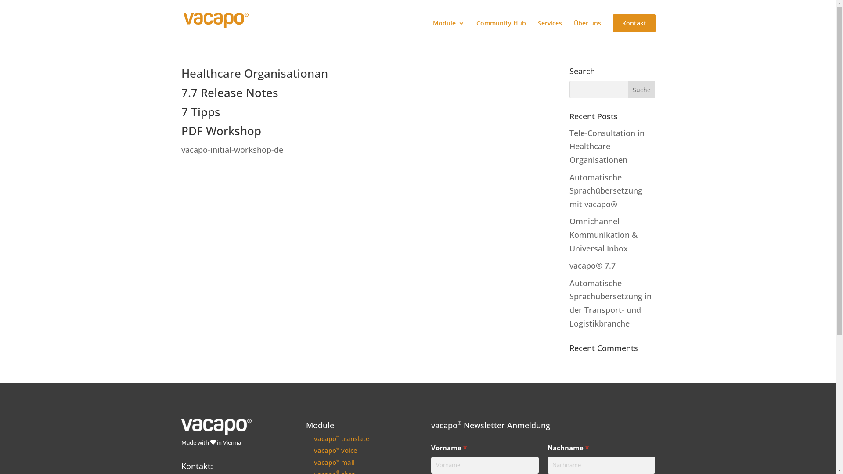 The width and height of the screenshot is (843, 474). What do you see at coordinates (501, 30) in the screenshot?
I see `'Community Hub'` at bounding box center [501, 30].